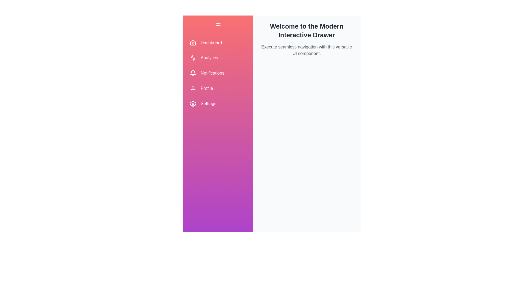 This screenshot has width=522, height=294. What do you see at coordinates (218, 73) in the screenshot?
I see `the navigation item labeled 'Notifications' to observe visual changes` at bounding box center [218, 73].